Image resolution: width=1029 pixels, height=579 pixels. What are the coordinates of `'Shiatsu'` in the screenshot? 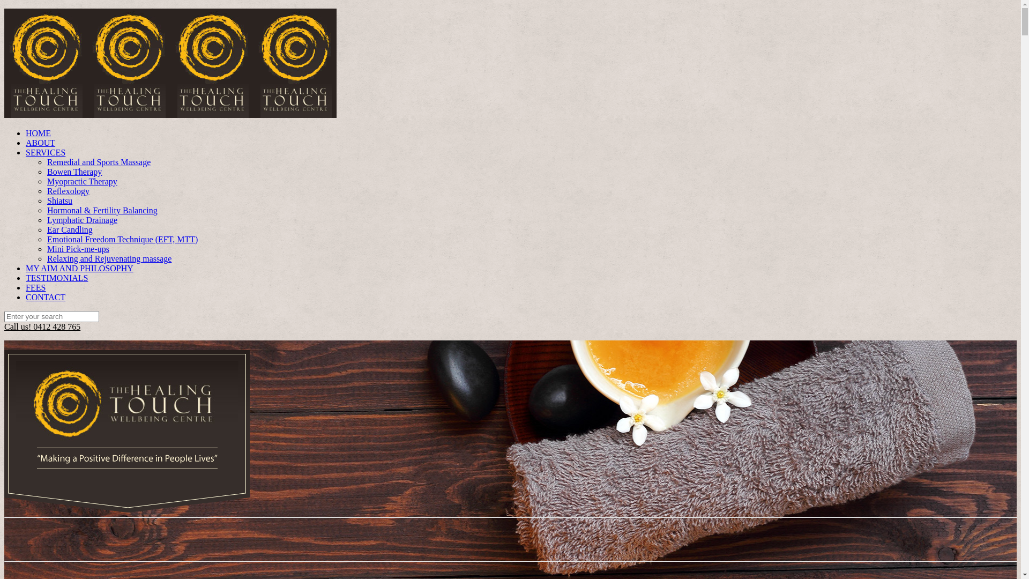 It's located at (59, 201).